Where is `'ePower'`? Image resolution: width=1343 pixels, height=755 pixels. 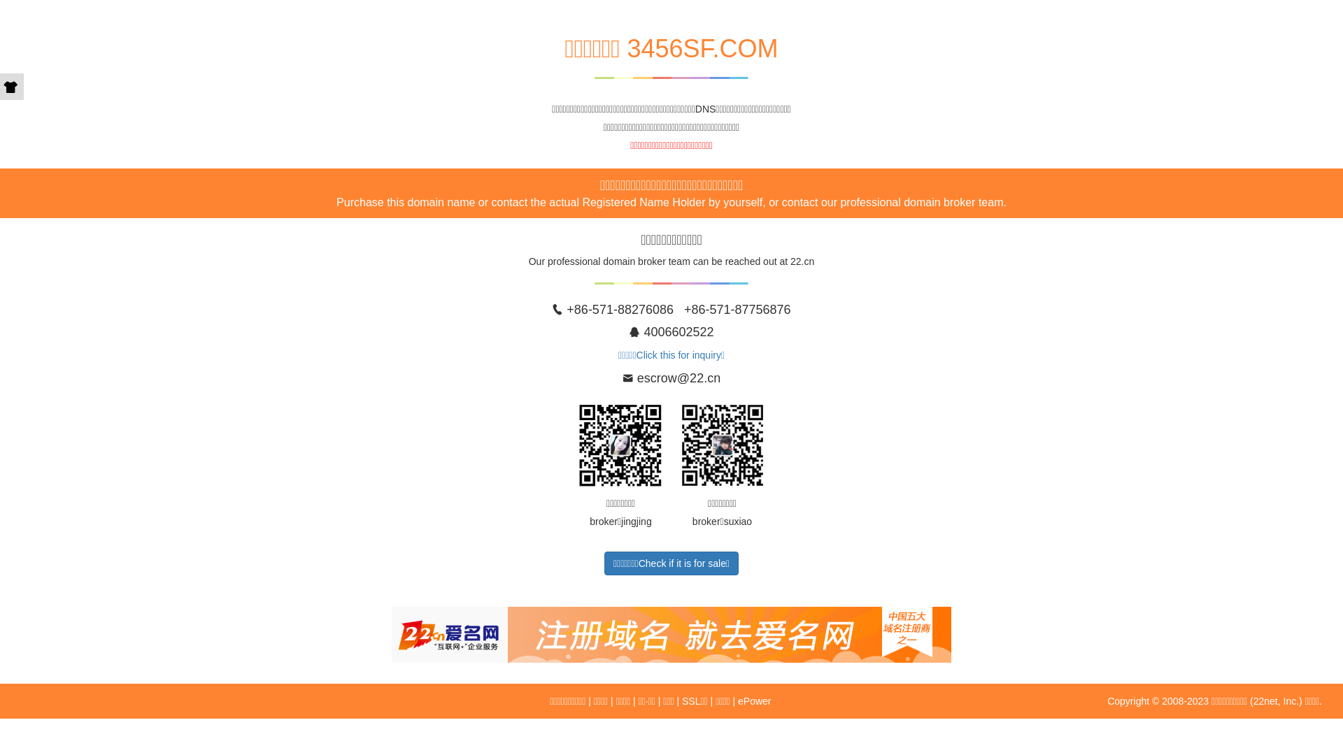 'ePower' is located at coordinates (753, 700).